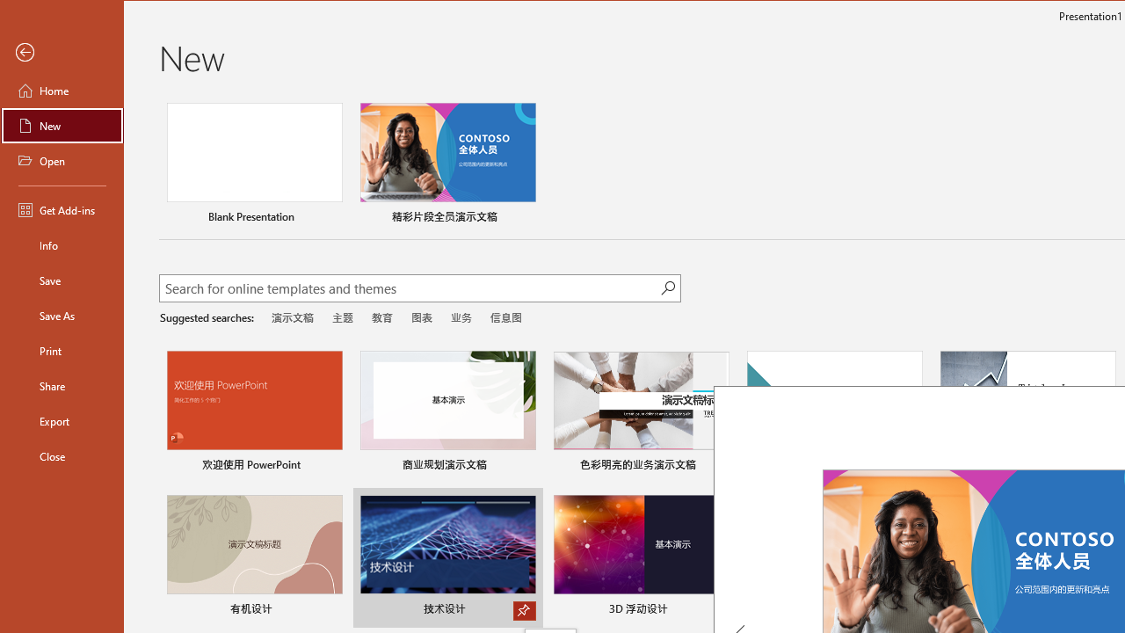 This screenshot has height=633, width=1125. Describe the element at coordinates (410, 289) in the screenshot. I see `'Search for online templates and themes'` at that location.